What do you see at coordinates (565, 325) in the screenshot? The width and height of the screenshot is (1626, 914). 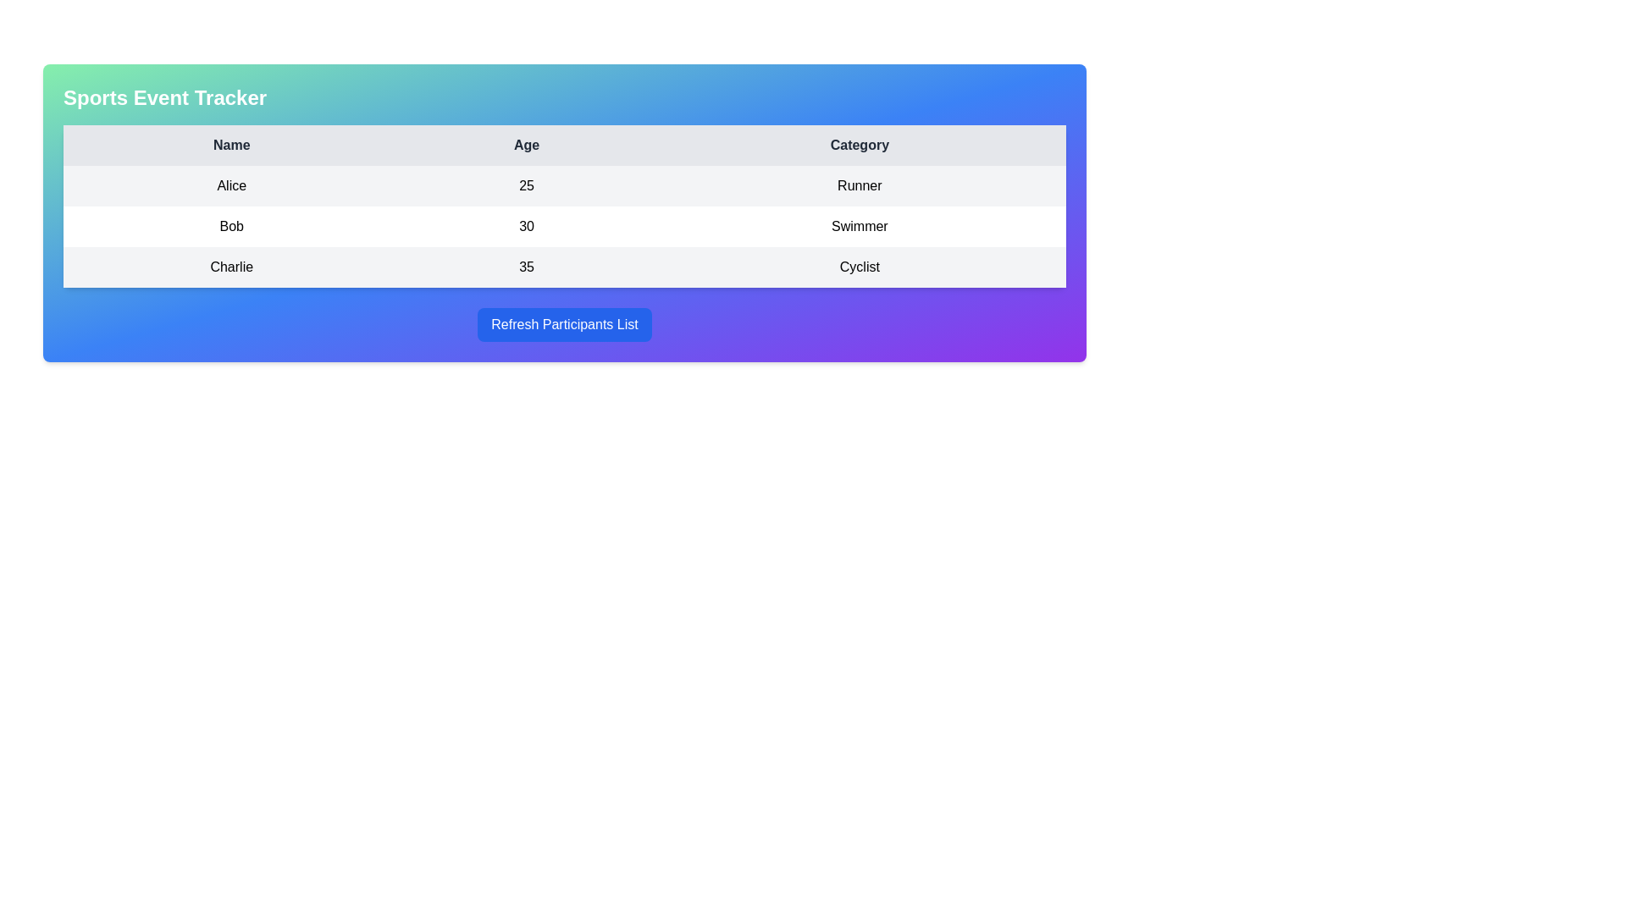 I see `the 'Refresh Participants List' button, which is a blue rounded rectangle with white text, to observe its hover effects` at bounding box center [565, 325].